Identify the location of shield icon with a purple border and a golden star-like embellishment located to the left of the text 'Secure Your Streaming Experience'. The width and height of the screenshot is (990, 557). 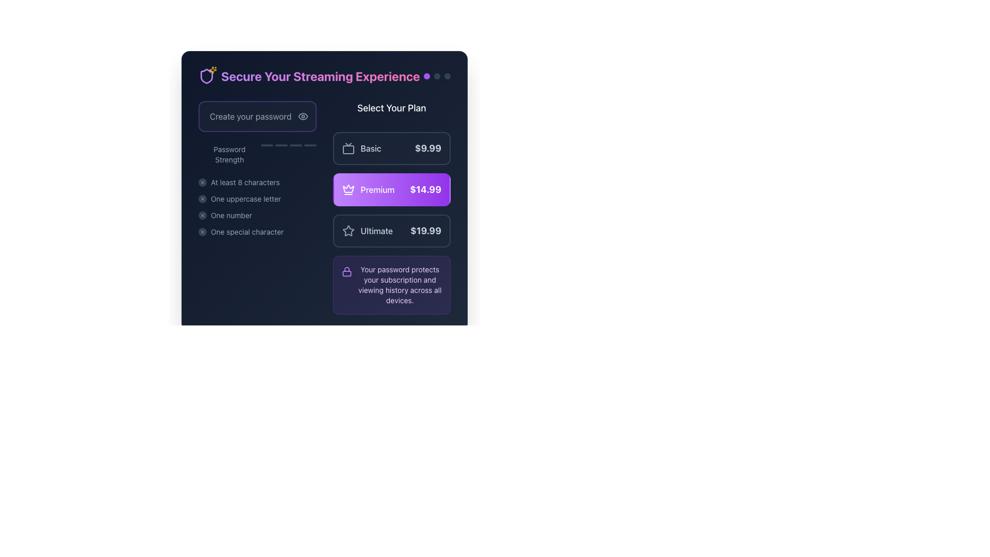
(206, 75).